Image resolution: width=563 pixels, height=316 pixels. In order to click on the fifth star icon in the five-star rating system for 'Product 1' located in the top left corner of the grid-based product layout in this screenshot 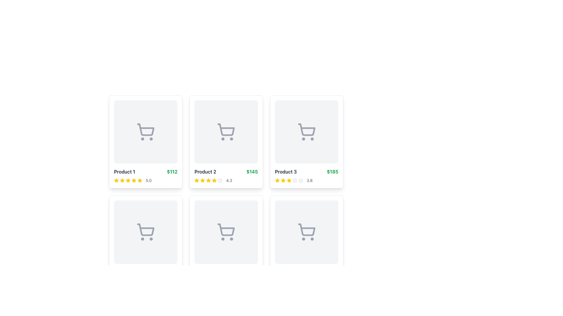, I will do `click(116, 180)`.